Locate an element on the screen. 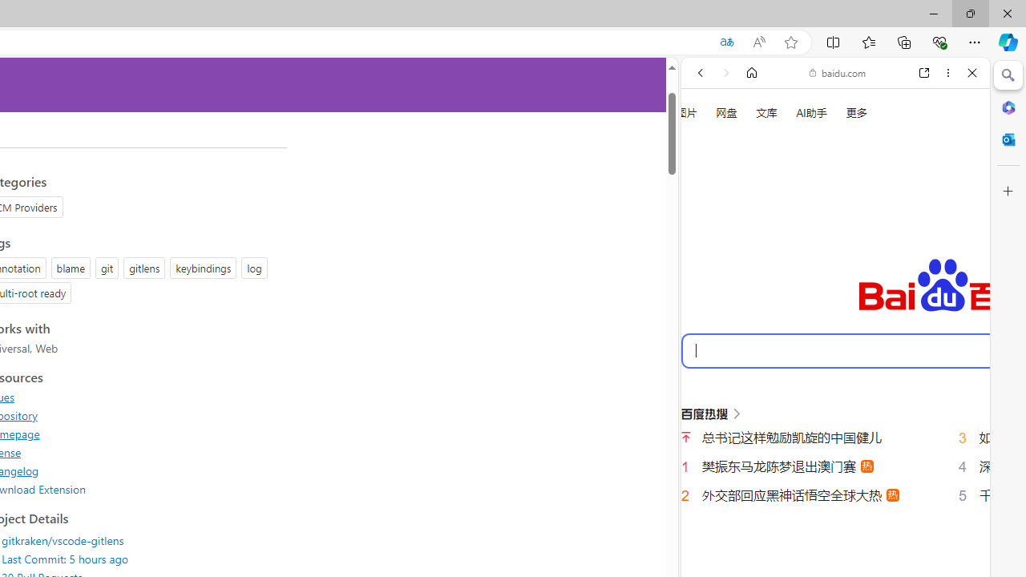 This screenshot has width=1026, height=577. 'More options' is located at coordinates (947, 73).